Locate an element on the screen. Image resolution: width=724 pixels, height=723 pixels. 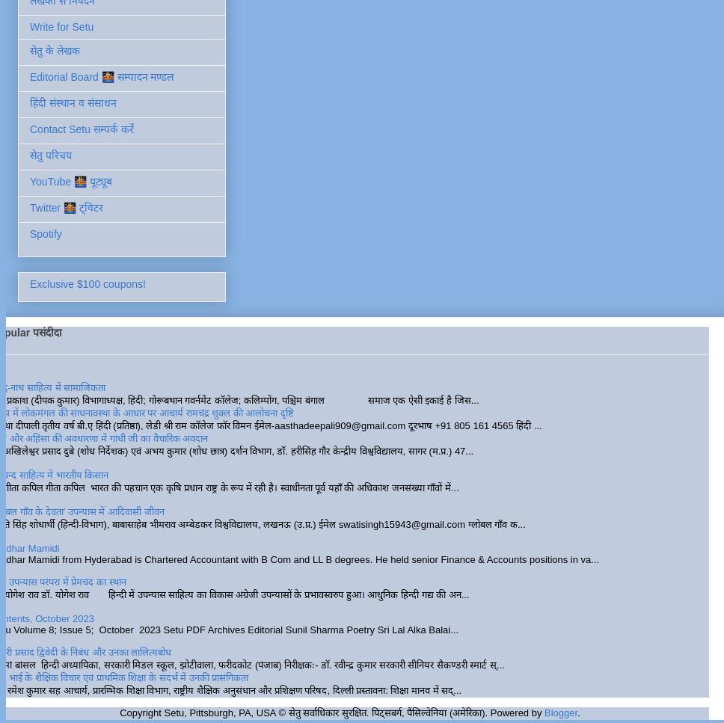
'Write for Setu' is located at coordinates (61, 26).